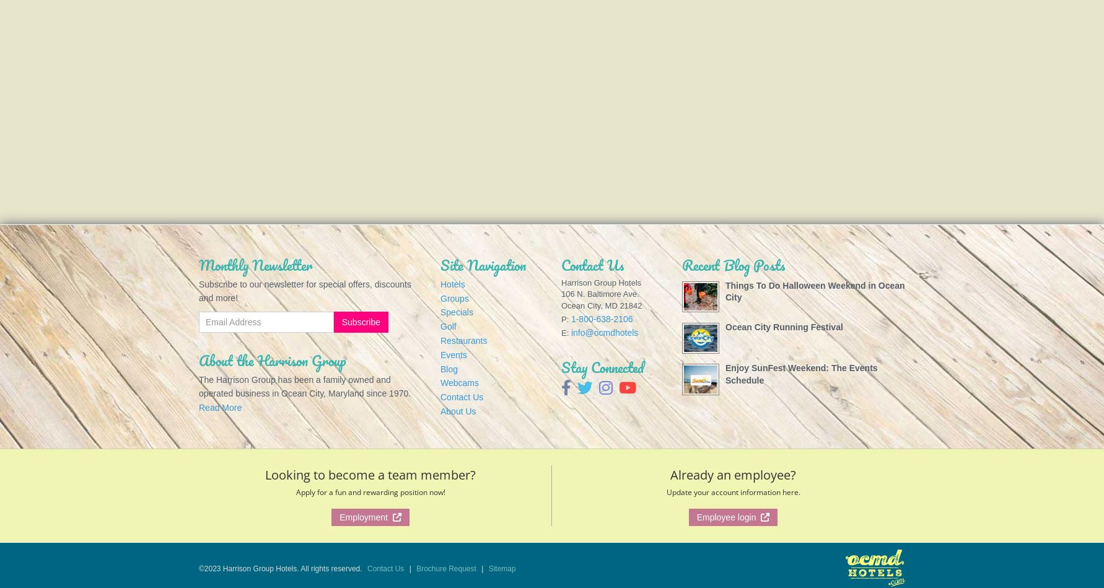 Image resolution: width=1104 pixels, height=588 pixels. I want to click on 'Employee login', so click(696, 517).